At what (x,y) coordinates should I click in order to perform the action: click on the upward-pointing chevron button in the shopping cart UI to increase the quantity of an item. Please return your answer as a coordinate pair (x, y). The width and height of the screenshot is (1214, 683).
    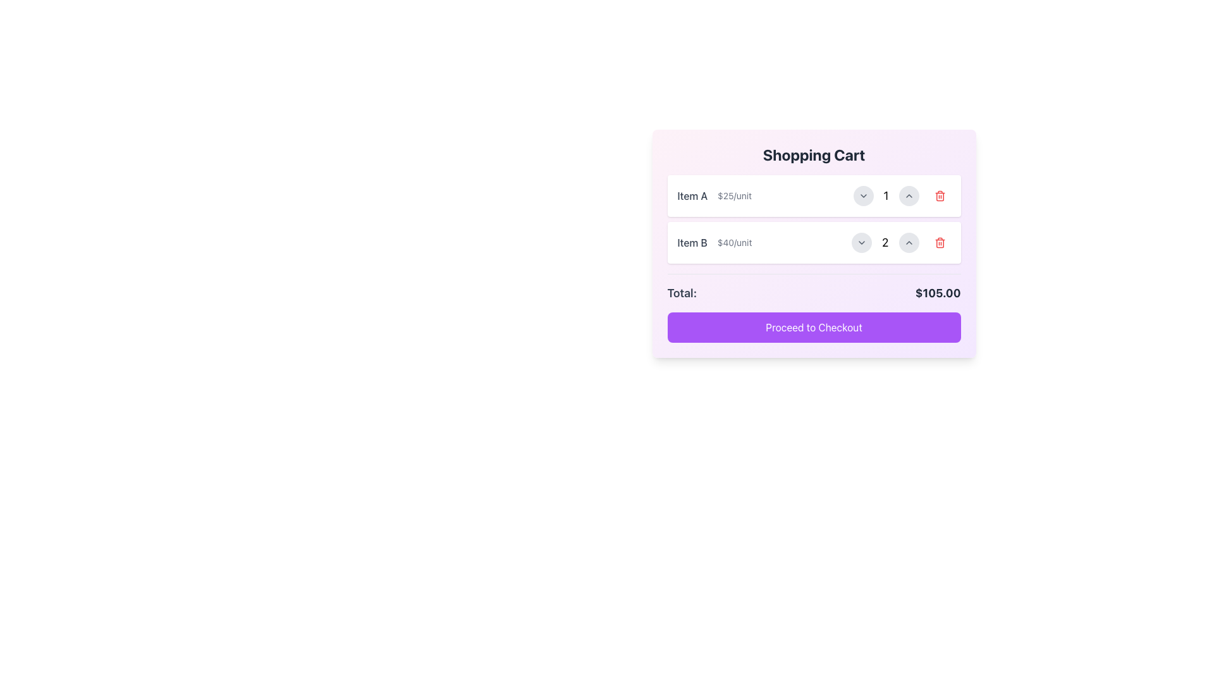
    Looking at the image, I should click on (908, 243).